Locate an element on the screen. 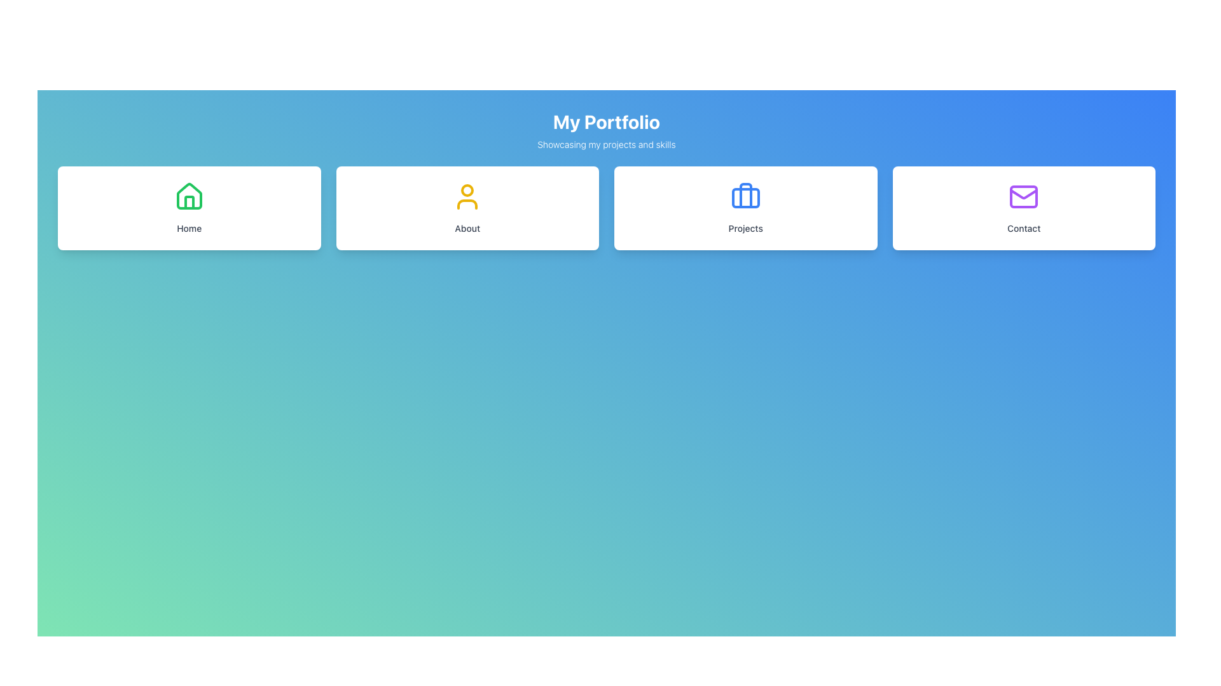 This screenshot has width=1221, height=686. the mailing icon located at the top-center of the 'Contact' card is located at coordinates (1024, 196).